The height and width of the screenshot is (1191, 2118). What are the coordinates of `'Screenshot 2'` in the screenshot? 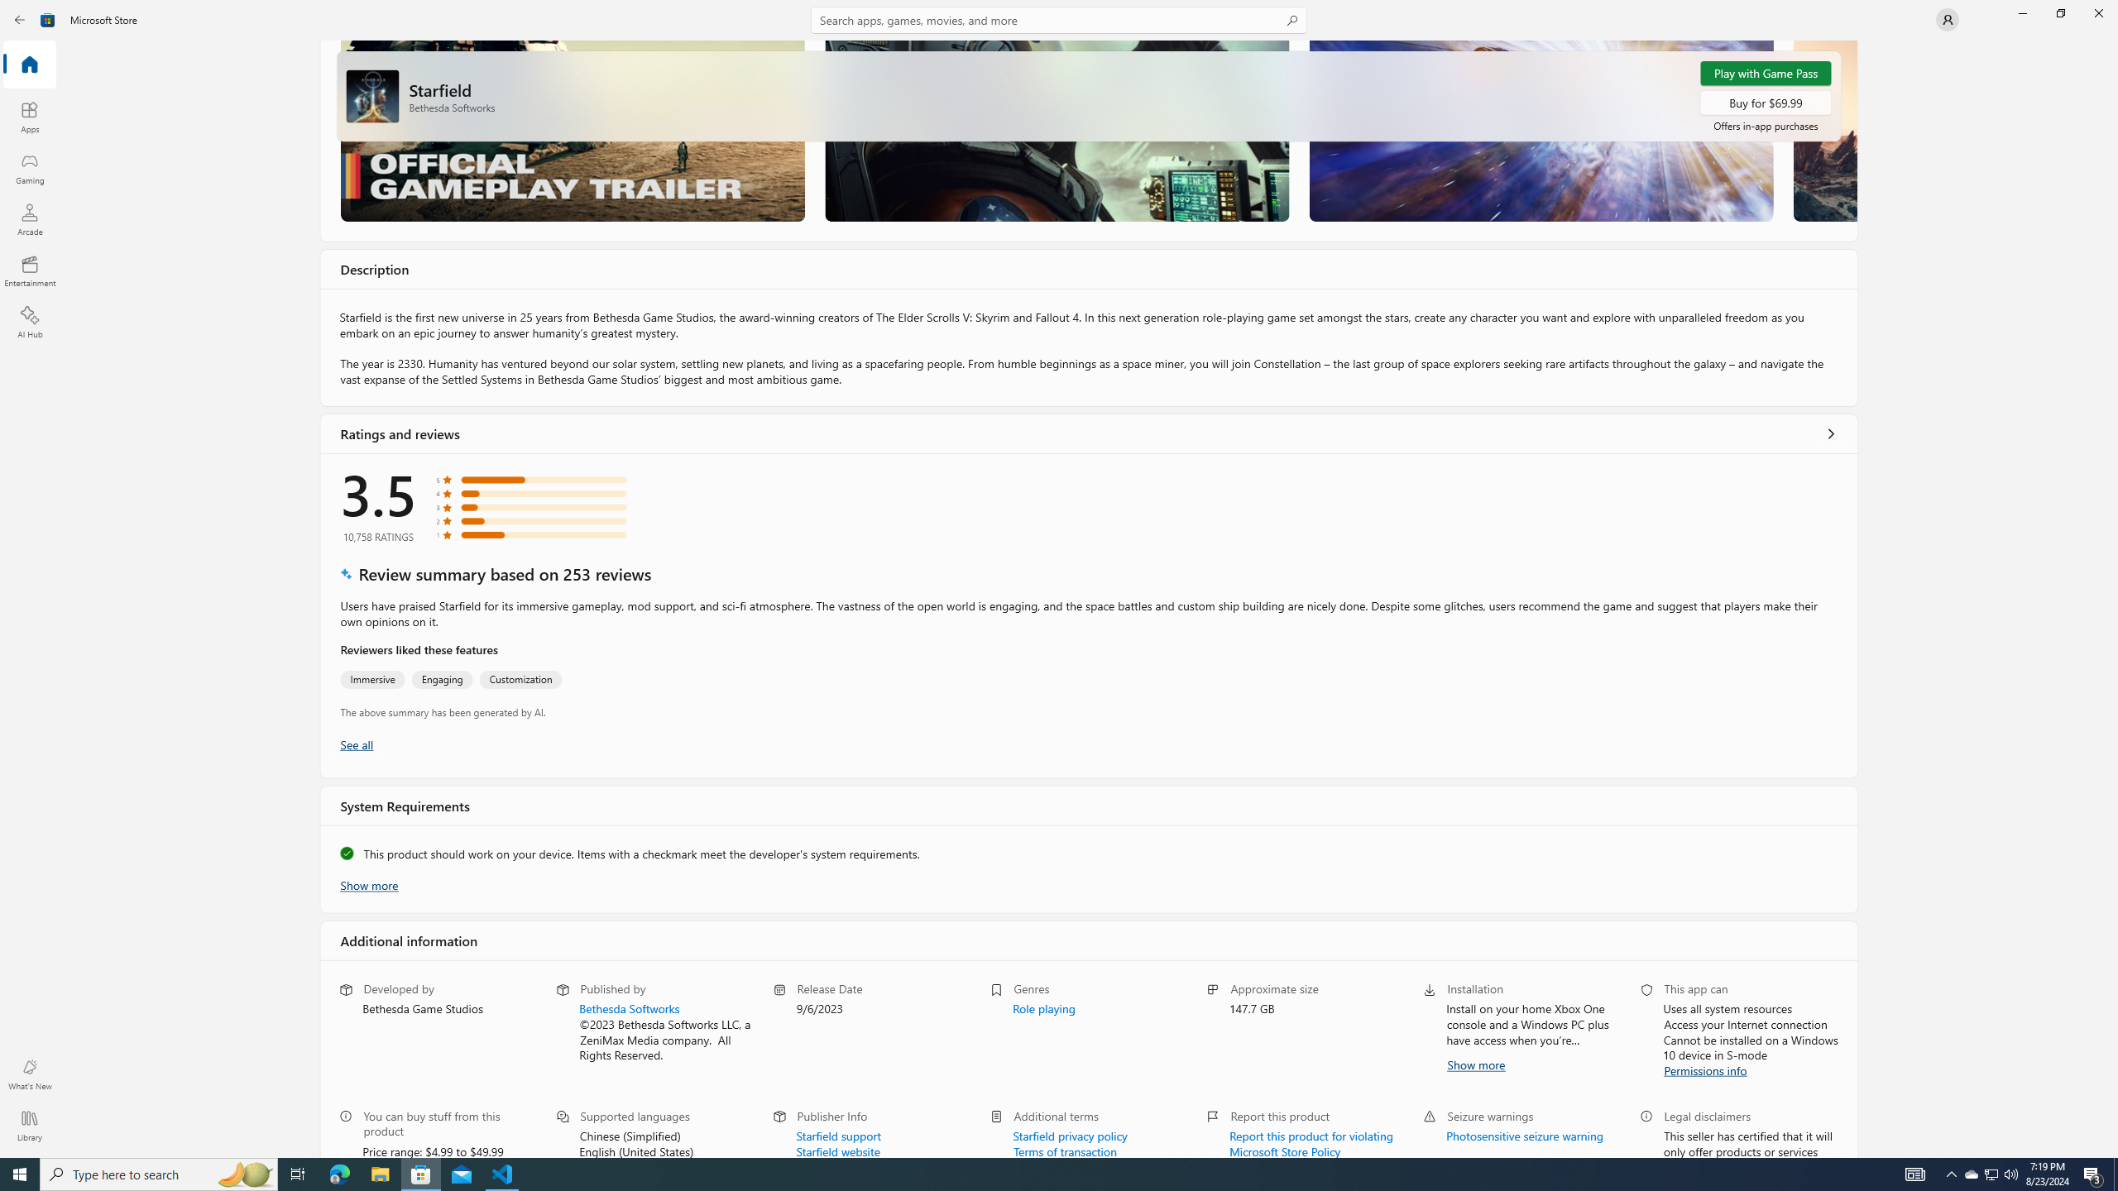 It's located at (1055, 130).